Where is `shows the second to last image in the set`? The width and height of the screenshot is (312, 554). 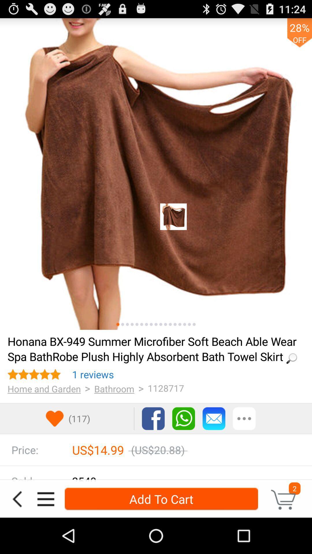 shows the second to last image in the set is located at coordinates (189, 324).